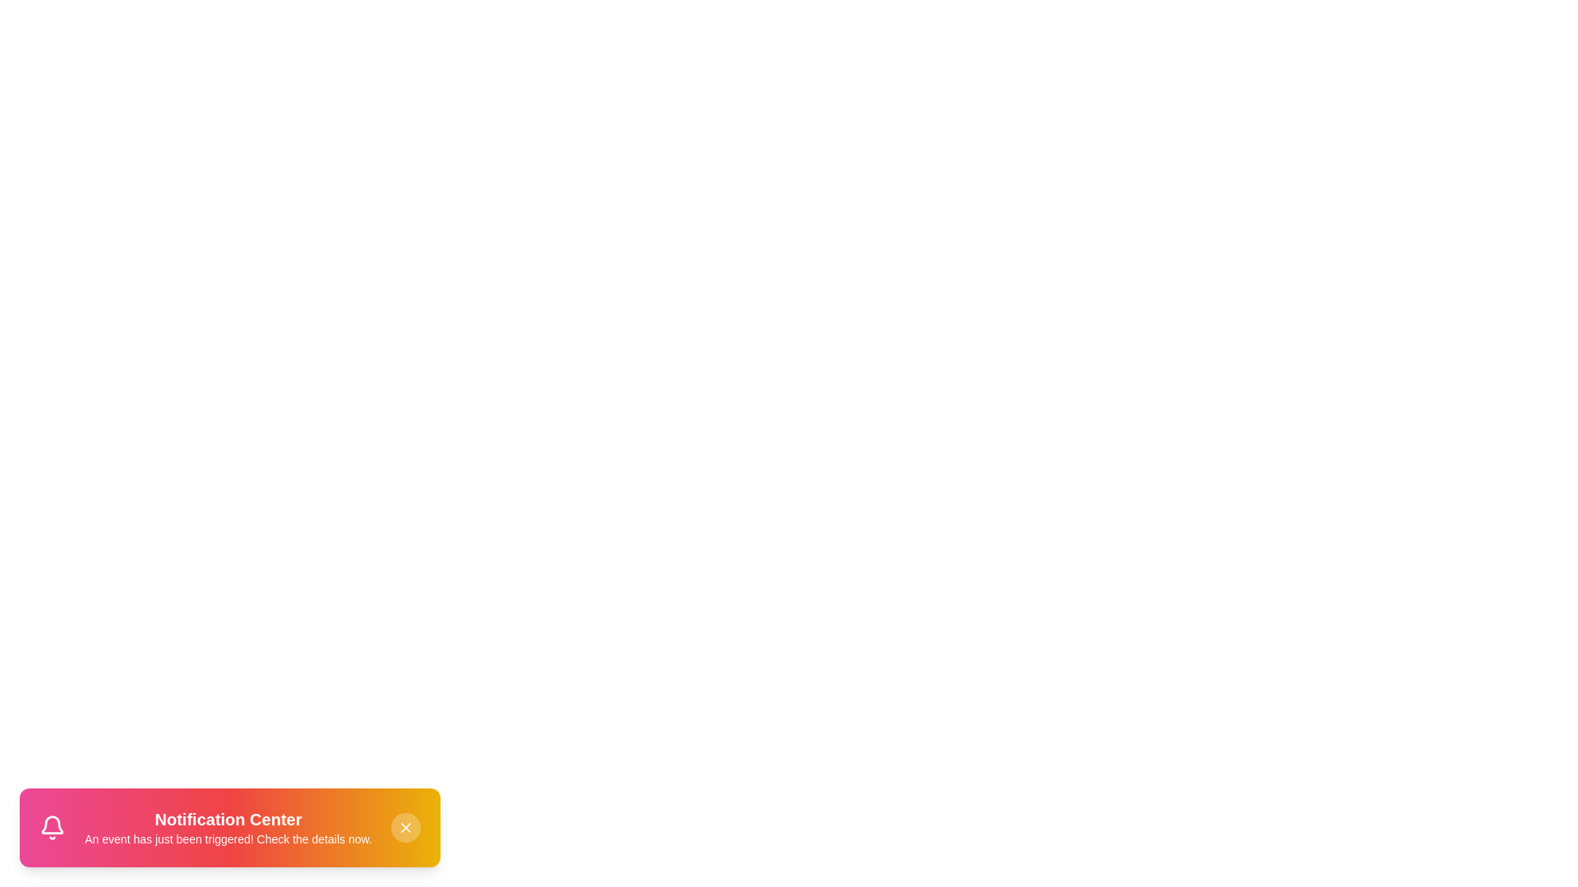 This screenshot has width=1578, height=887. I want to click on the close button to toggle the visibility of the notification panel, so click(406, 827).